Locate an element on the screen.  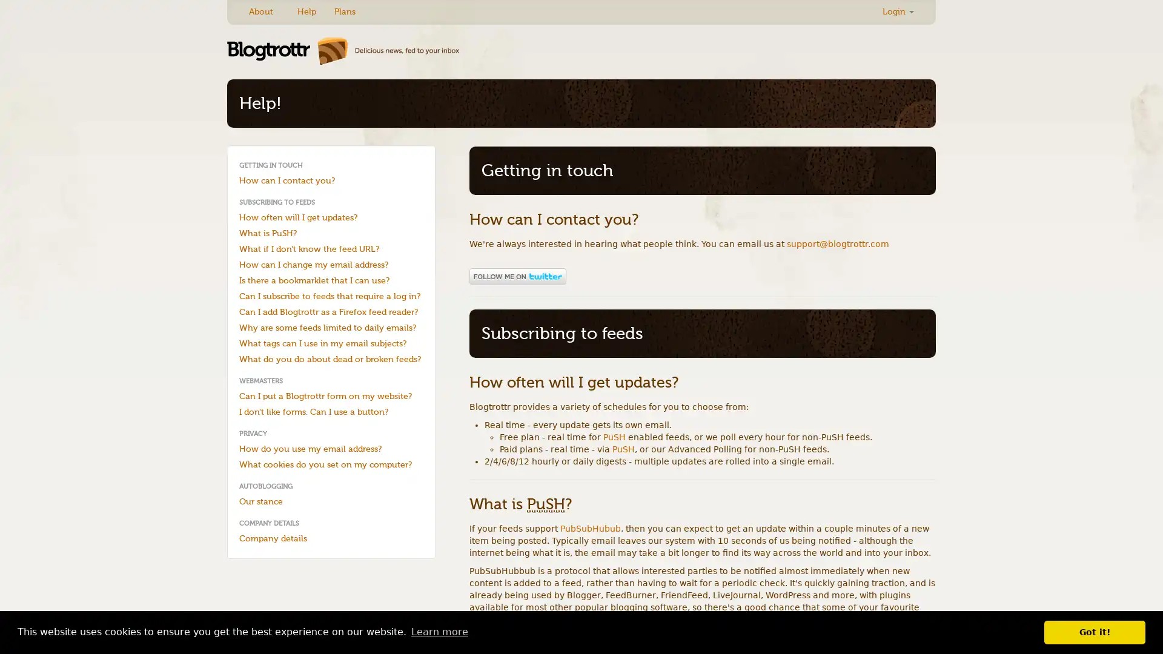
learn more about cookies is located at coordinates (439, 632).